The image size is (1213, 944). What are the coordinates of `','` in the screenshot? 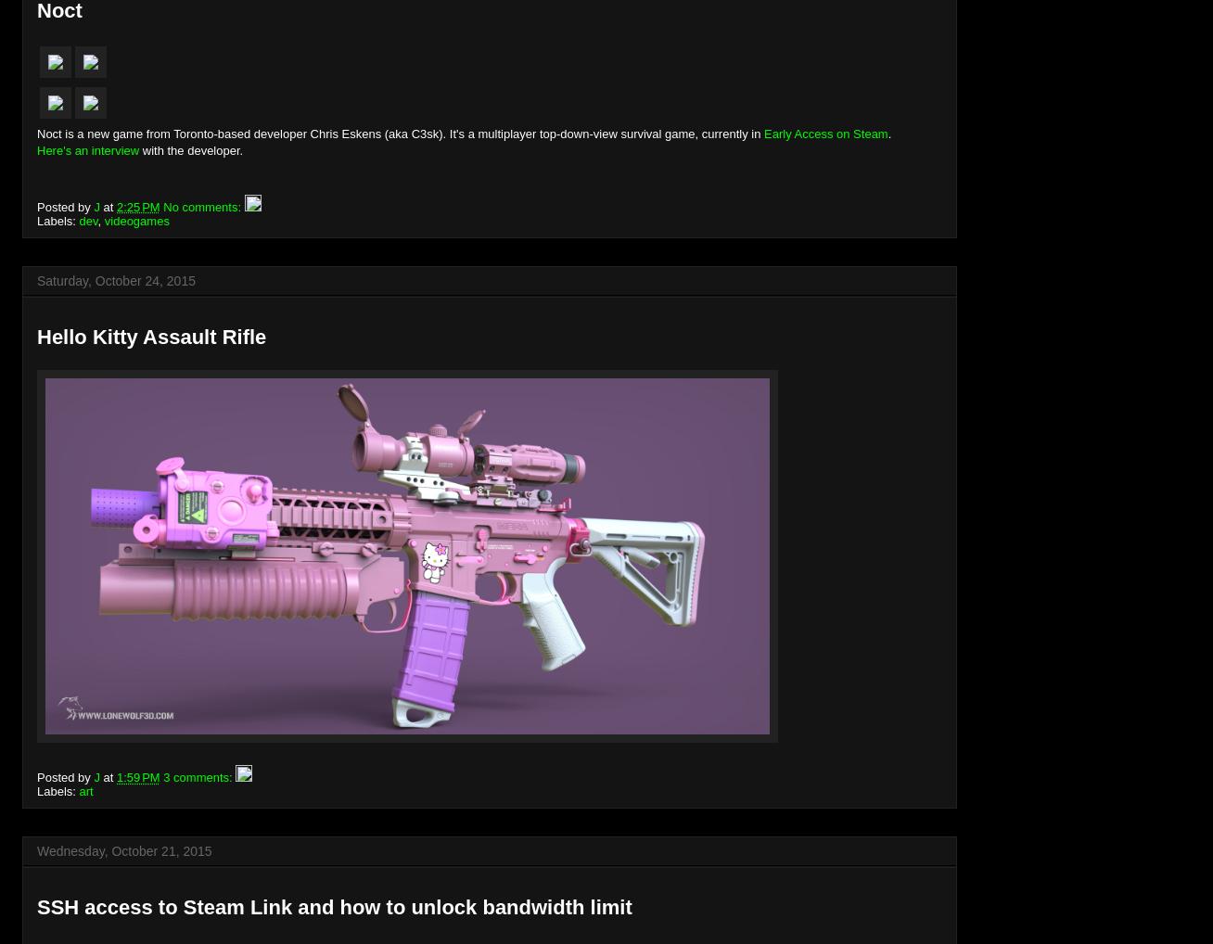 It's located at (99, 219).